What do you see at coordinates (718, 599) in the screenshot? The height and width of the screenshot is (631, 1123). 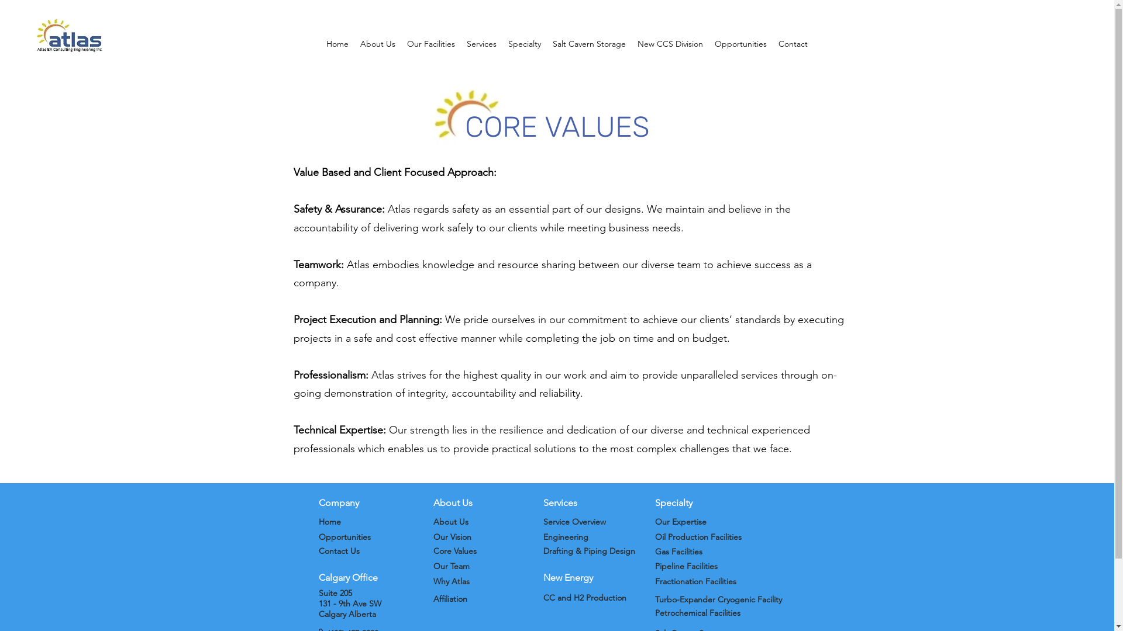 I see `'Turbo-Expander Cryogenic Facility'` at bounding box center [718, 599].